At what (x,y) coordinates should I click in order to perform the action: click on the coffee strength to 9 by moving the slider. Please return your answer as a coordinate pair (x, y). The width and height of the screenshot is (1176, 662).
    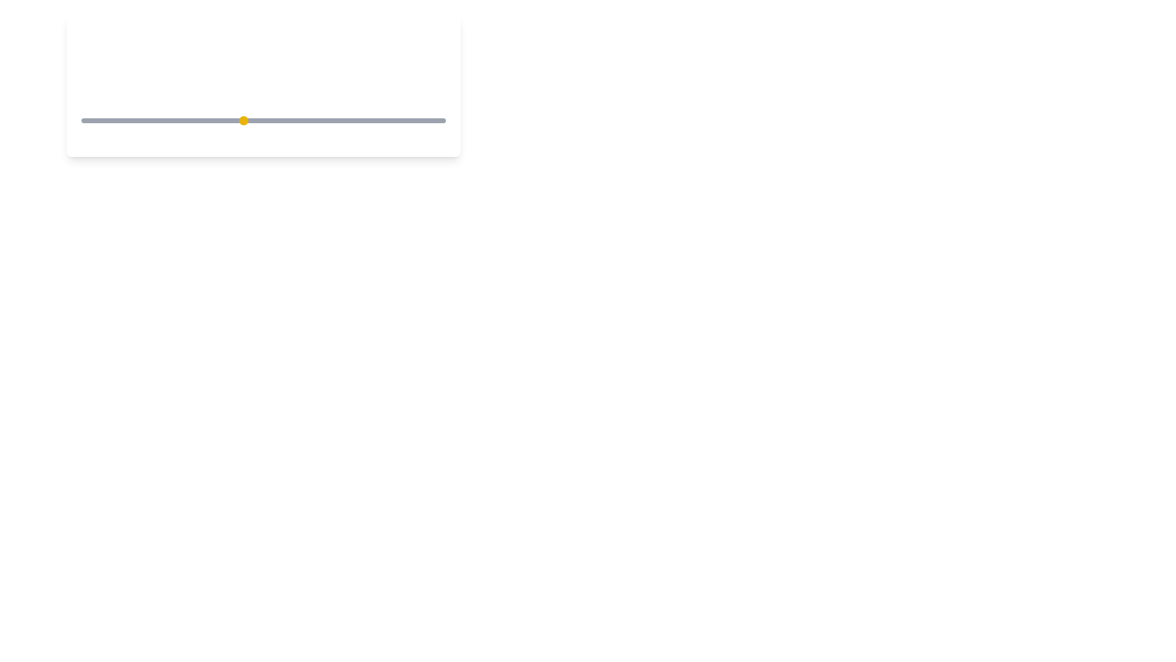
    Looking at the image, I should click on (405, 120).